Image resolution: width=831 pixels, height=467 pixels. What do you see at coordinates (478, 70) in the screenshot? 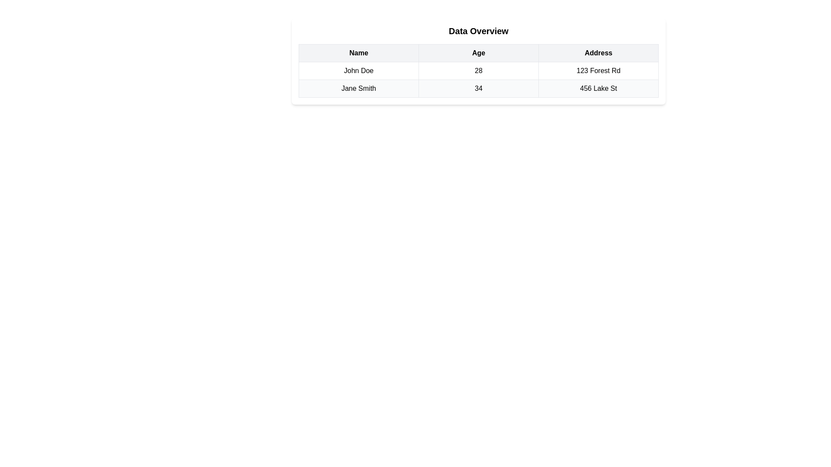
I see `the table cell displaying the age for 'John Doe', which is located in the second column of the first row of the data table` at bounding box center [478, 70].